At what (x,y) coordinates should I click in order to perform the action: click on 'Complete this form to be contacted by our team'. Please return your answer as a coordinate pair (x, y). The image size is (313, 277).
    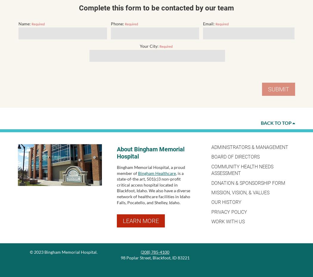
    Looking at the image, I should click on (156, 8).